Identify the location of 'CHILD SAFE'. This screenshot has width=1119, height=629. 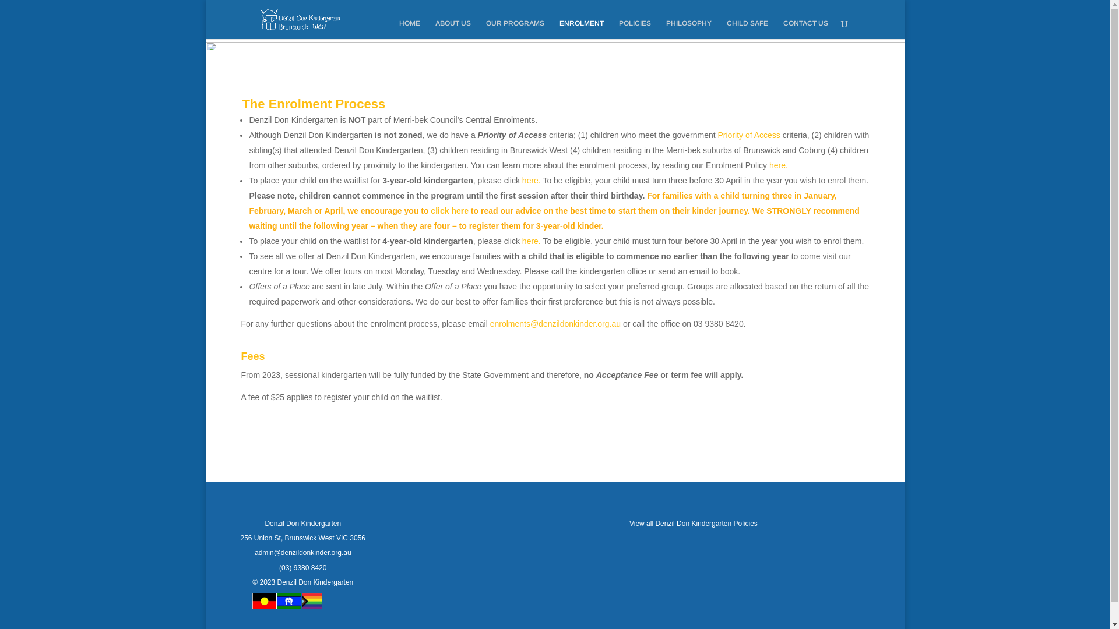
(726, 29).